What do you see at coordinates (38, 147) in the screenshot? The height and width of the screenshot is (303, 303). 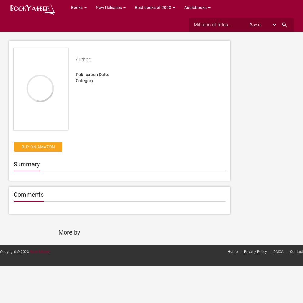 I see `'Buy on Amazon'` at bounding box center [38, 147].